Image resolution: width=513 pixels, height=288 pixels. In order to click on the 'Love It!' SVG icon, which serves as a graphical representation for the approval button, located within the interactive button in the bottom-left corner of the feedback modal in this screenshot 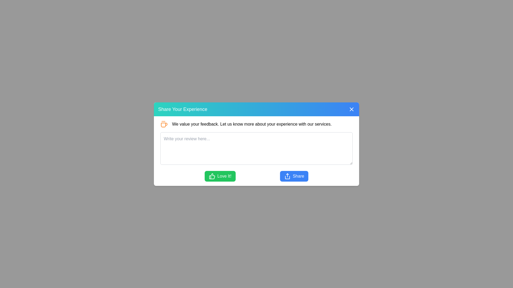, I will do `click(212, 176)`.